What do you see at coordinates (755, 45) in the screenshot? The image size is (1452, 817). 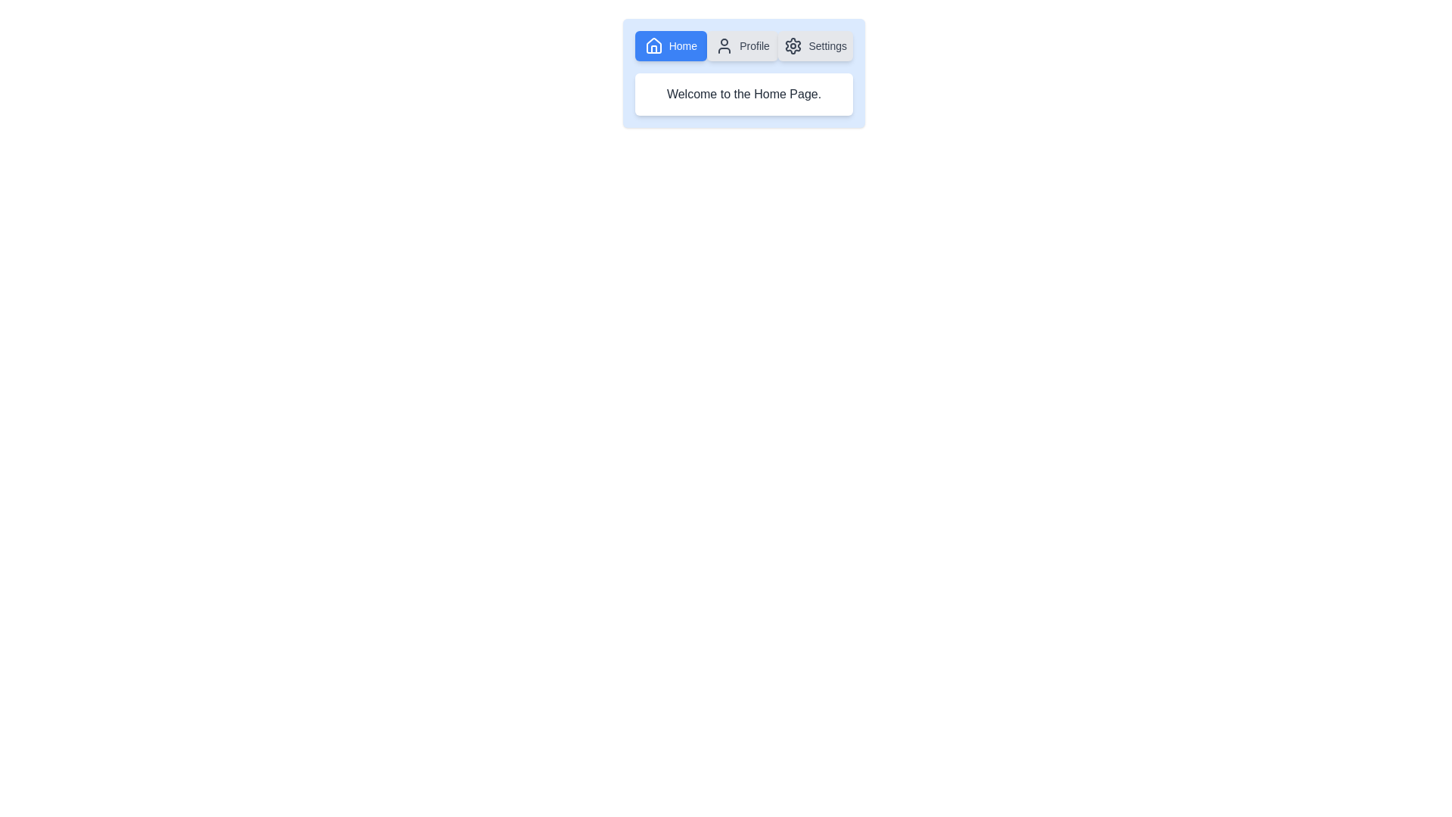 I see `the 'Profile' label in the navigation bar, which is located between the user icon and the gear icon` at bounding box center [755, 45].